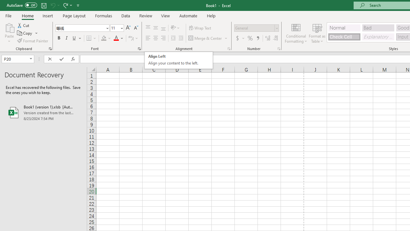 The width and height of the screenshot is (410, 231). I want to click on 'Merge & Center', so click(208, 38).